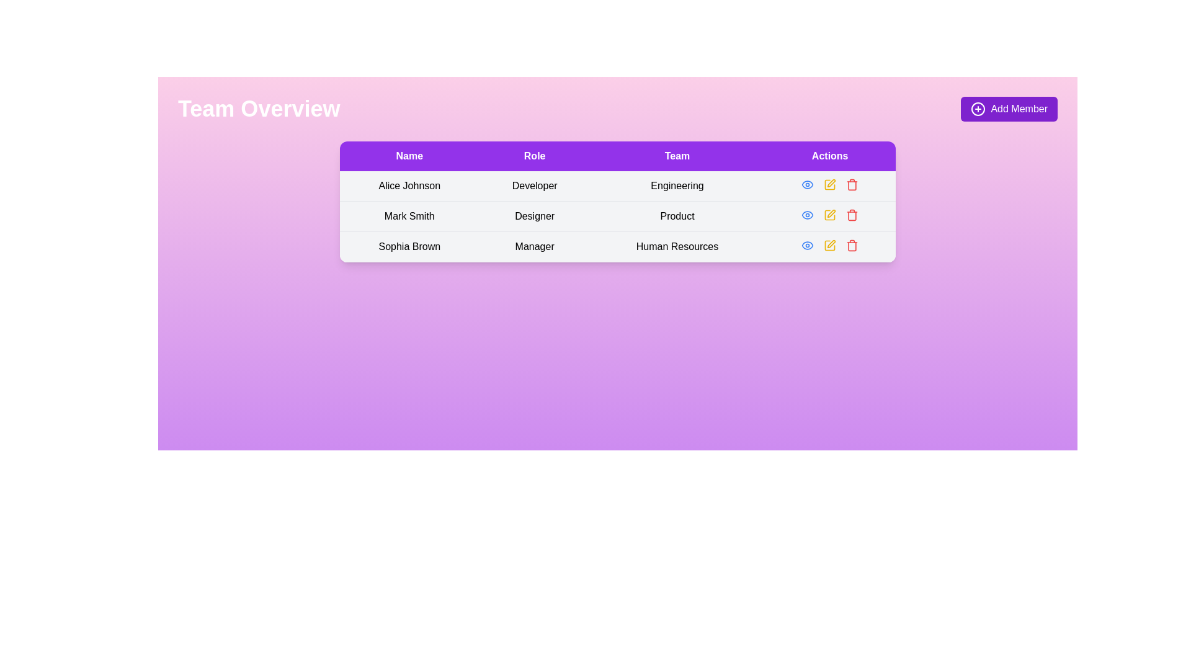 The image size is (1191, 670). Describe the element at coordinates (677, 186) in the screenshot. I see `the static text field displaying 'Engineering' in the 'Team' column of the 'Team Overview' table` at that location.